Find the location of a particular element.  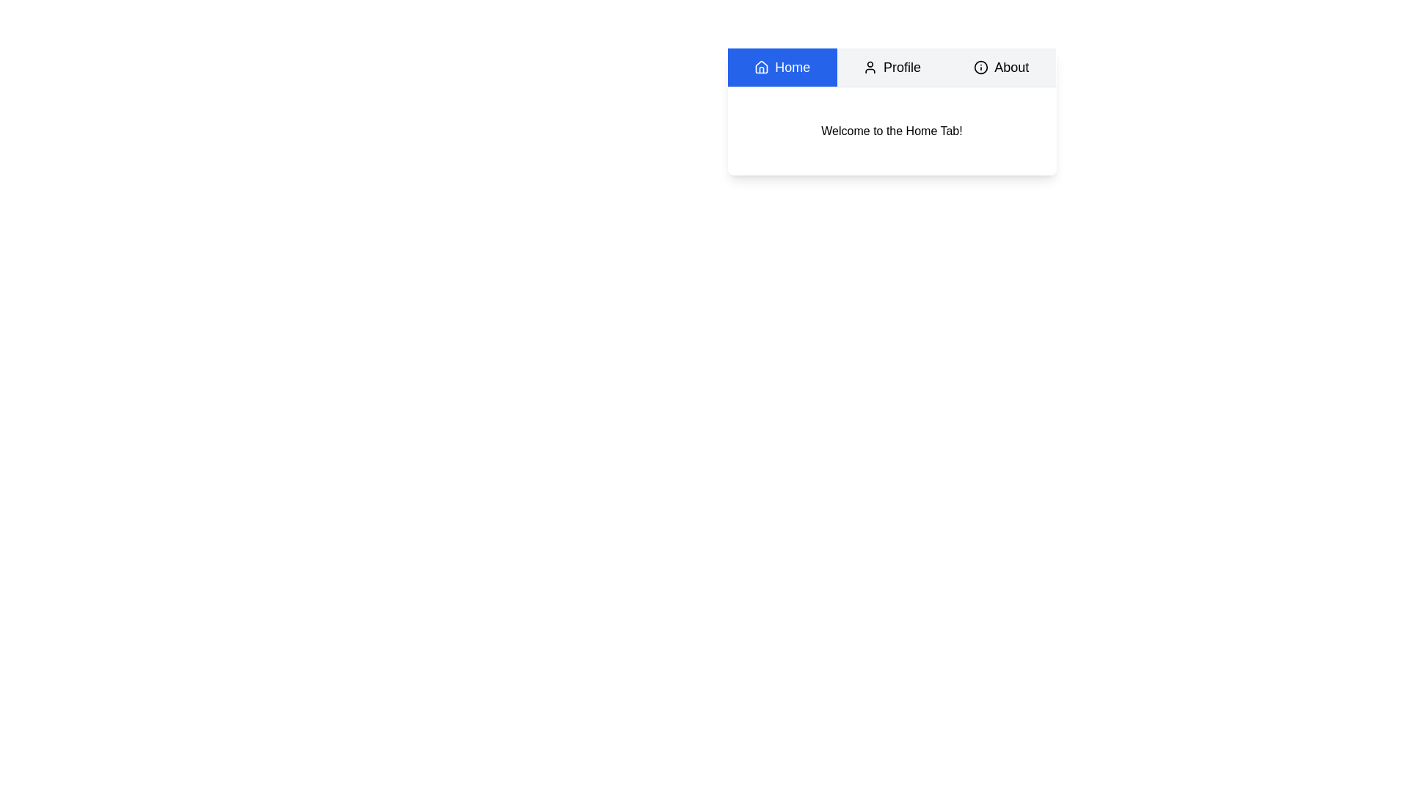

the Profile tab to view its content is located at coordinates (891, 68).